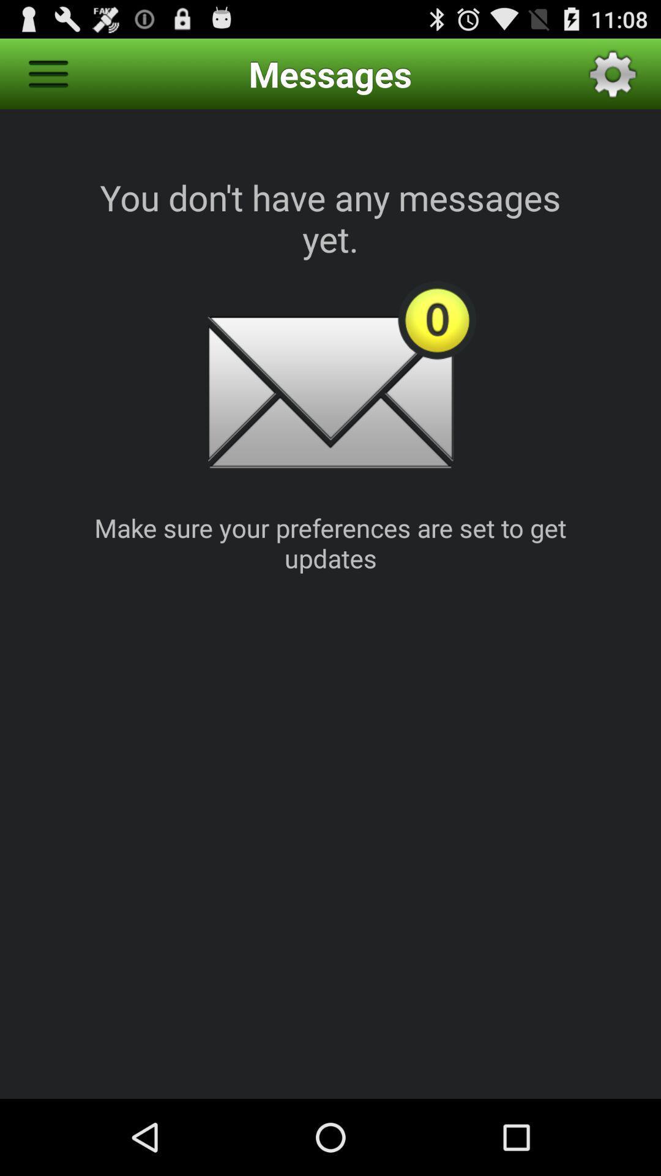 This screenshot has width=661, height=1176. Describe the element at coordinates (613, 73) in the screenshot. I see `the icon next to messages` at that location.